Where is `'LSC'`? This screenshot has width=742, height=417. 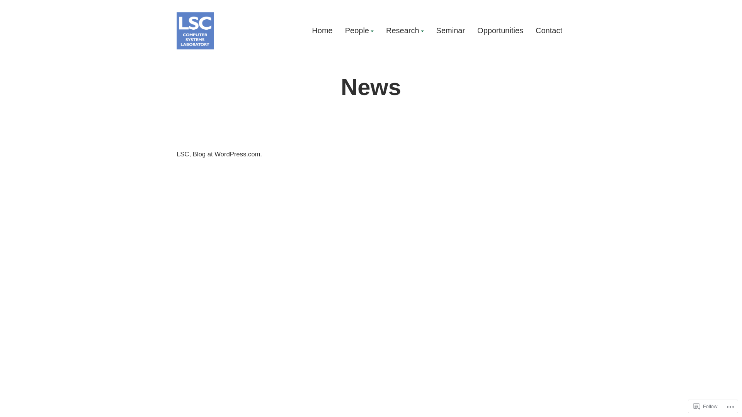
'LSC' is located at coordinates (176, 154).